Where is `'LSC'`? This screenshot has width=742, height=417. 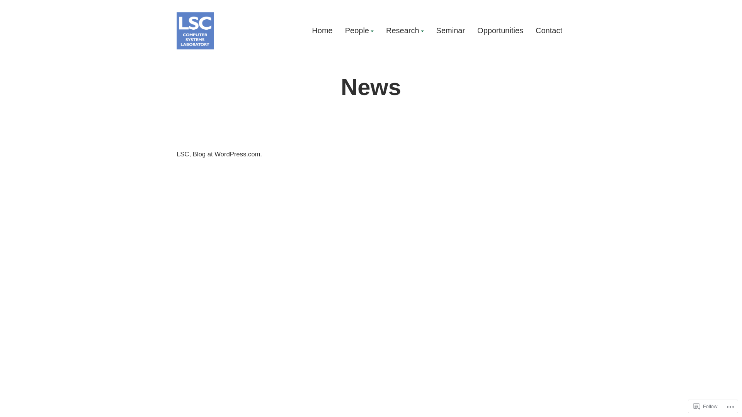
'LSC' is located at coordinates (176, 154).